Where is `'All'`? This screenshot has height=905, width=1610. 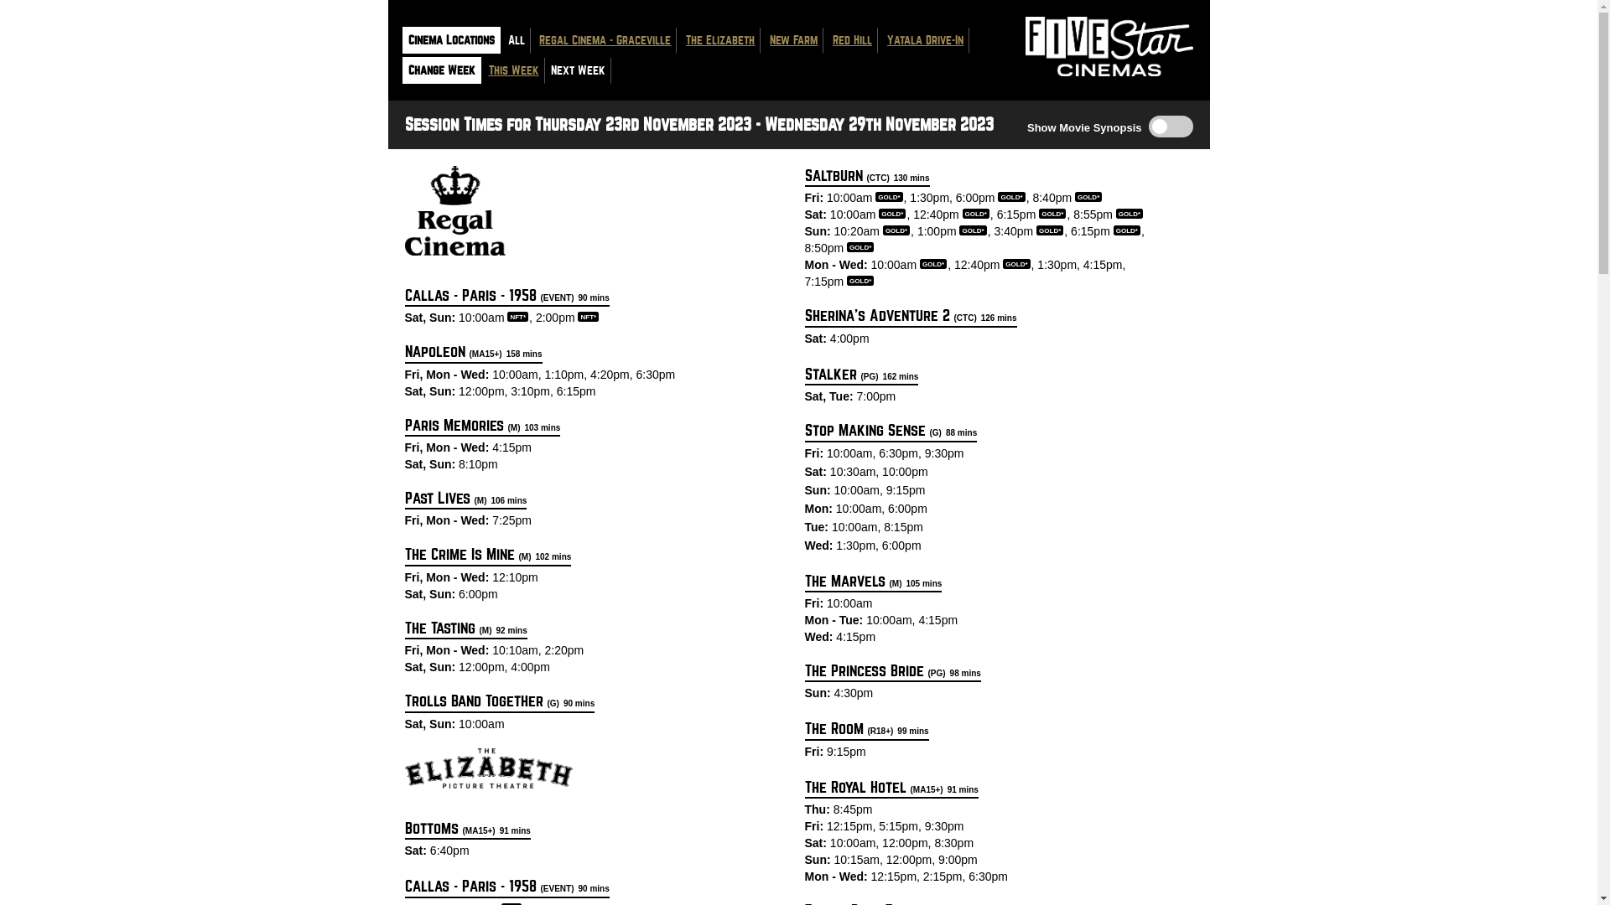 'All' is located at coordinates (514, 39).